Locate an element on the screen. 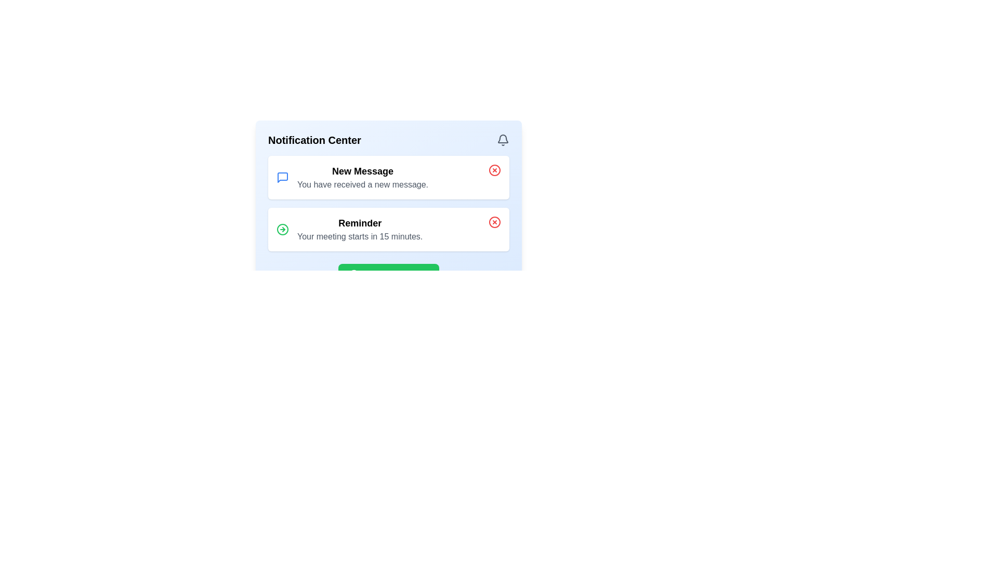 The height and width of the screenshot is (561, 998). the central circular part of the rightward-pointing arrow icon within the 'Reminder' notification card is located at coordinates (282, 229).